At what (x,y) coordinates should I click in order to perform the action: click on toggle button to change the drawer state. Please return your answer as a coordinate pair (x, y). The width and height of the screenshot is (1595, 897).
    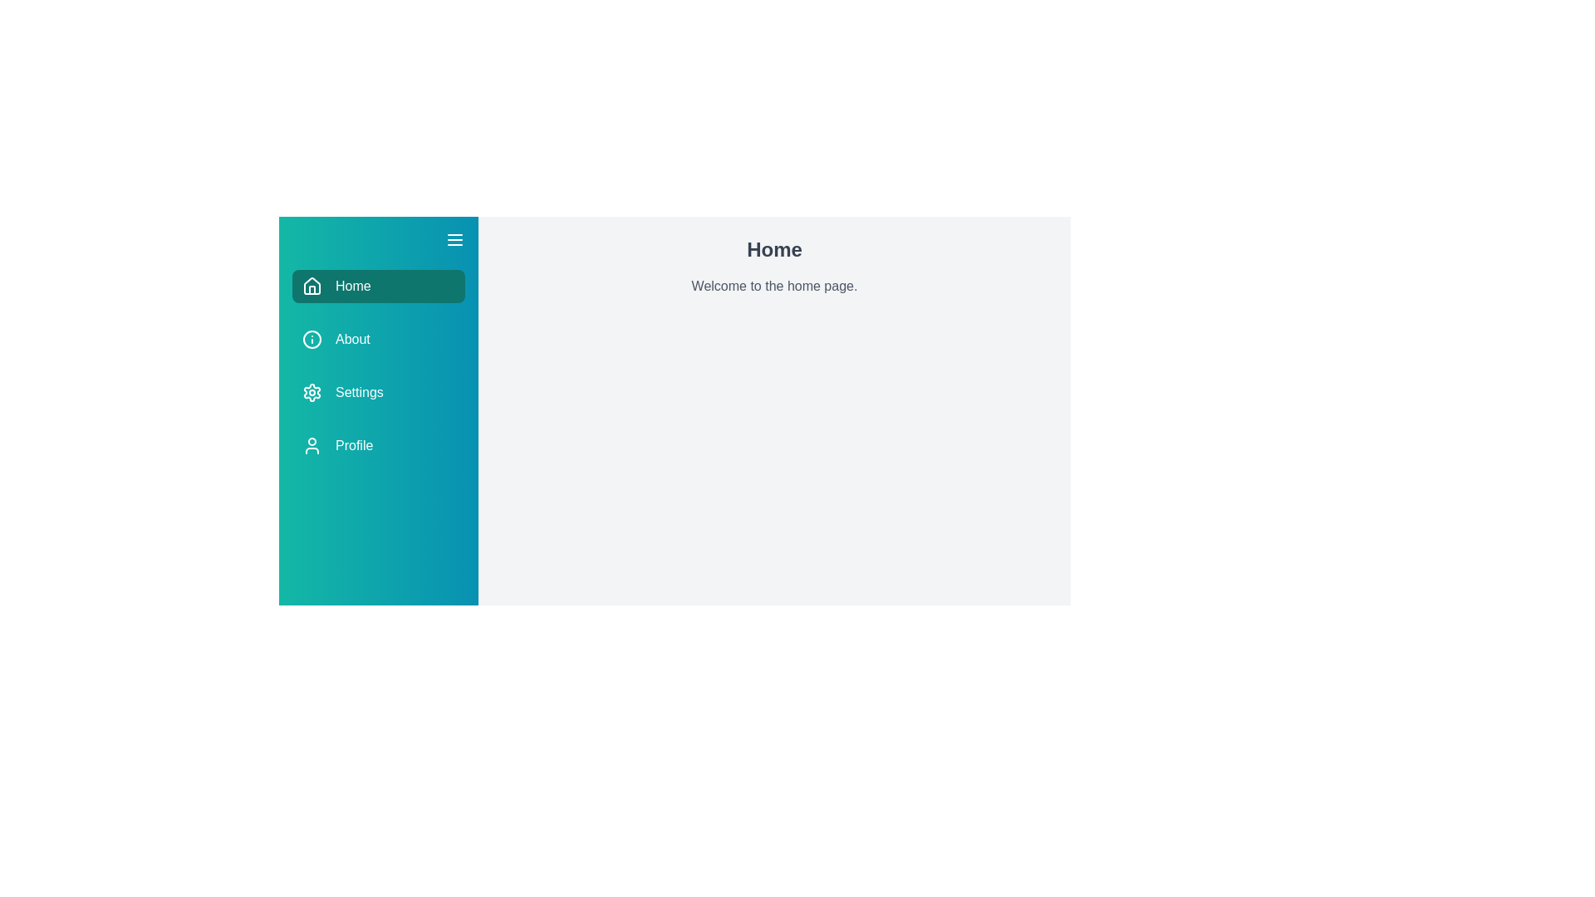
    Looking at the image, I should click on (454, 240).